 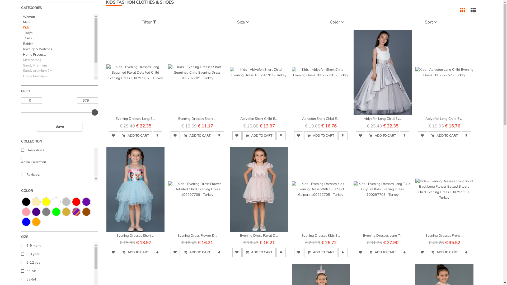 What do you see at coordinates (36, 222) in the screenshot?
I see `'Orange'` at bounding box center [36, 222].